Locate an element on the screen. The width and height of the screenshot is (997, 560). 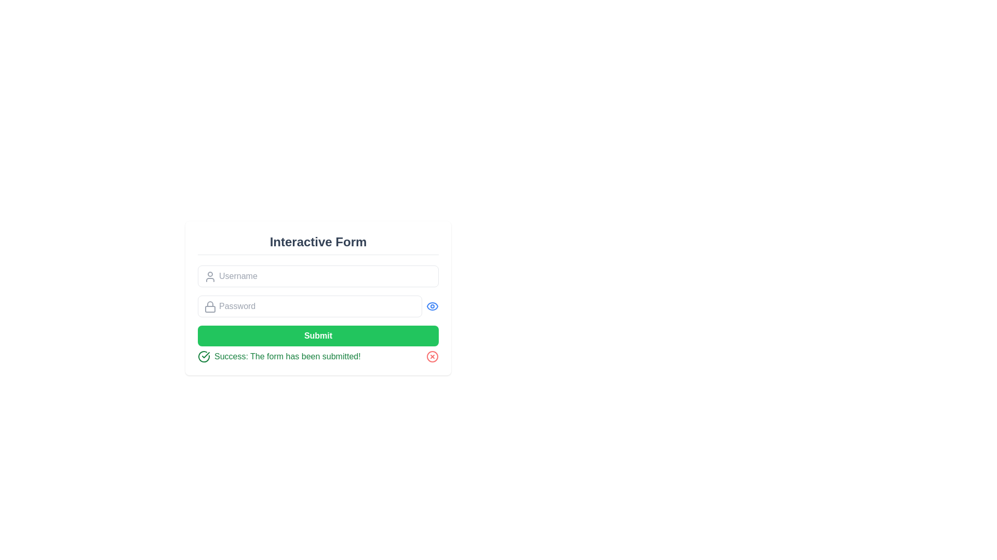
the graphical hint icon located to the left of the 'Username' input field, which indicates that the adjacent input box is for entering a username is located at coordinates (209, 276).